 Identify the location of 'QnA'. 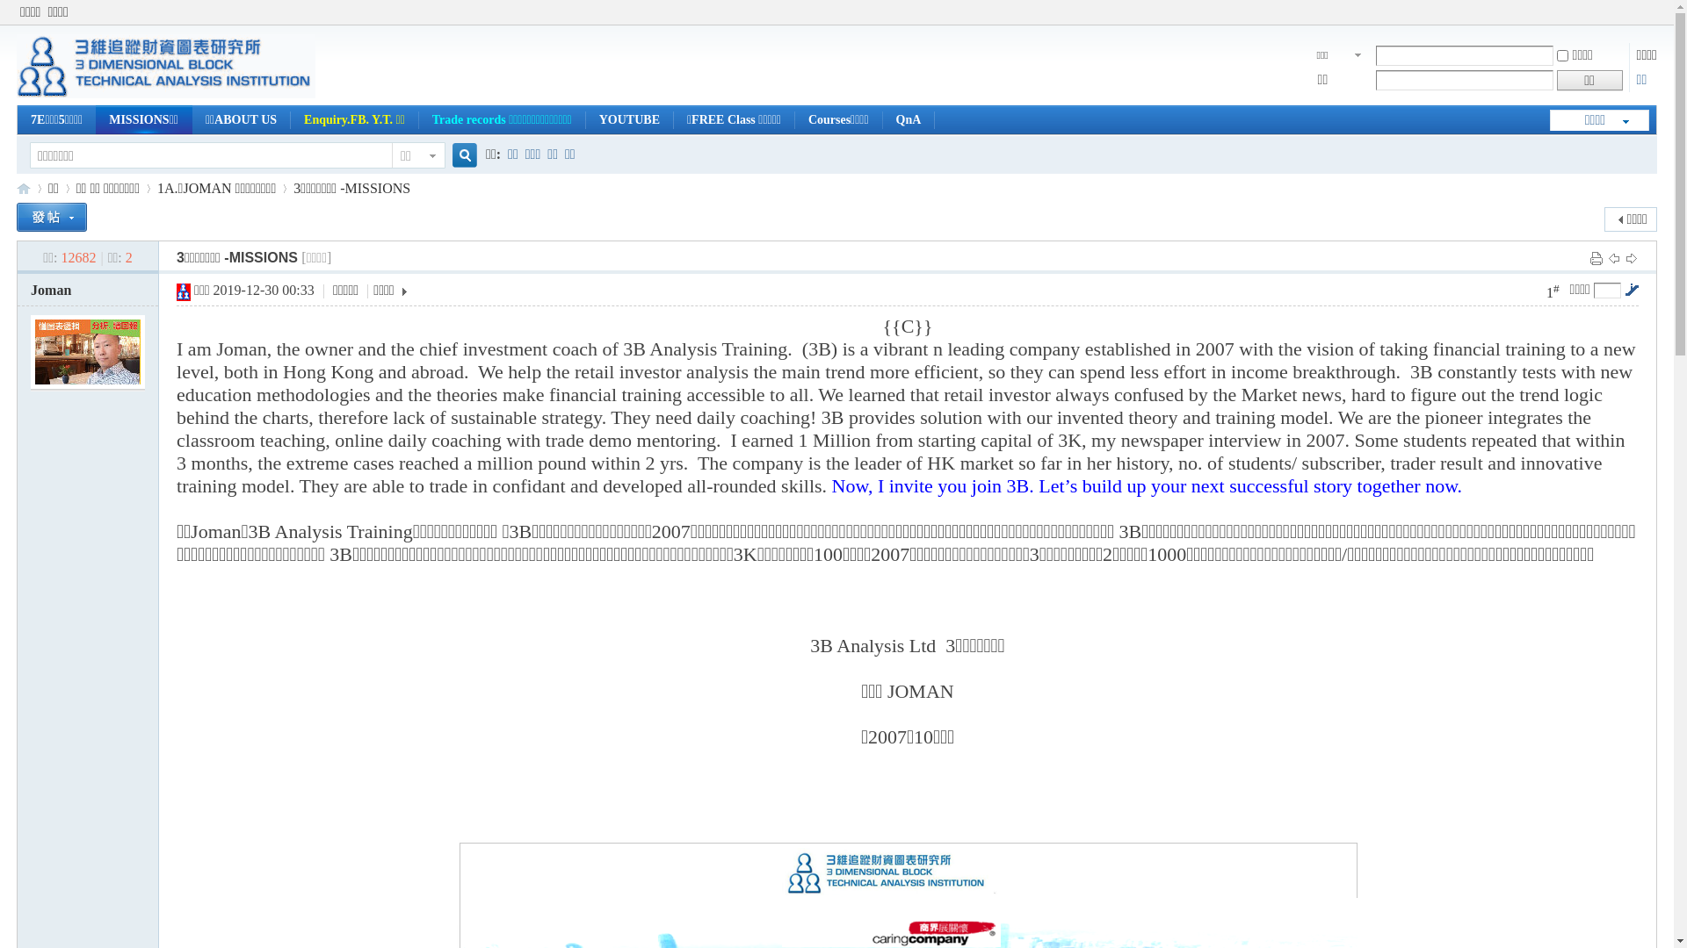
(909, 118).